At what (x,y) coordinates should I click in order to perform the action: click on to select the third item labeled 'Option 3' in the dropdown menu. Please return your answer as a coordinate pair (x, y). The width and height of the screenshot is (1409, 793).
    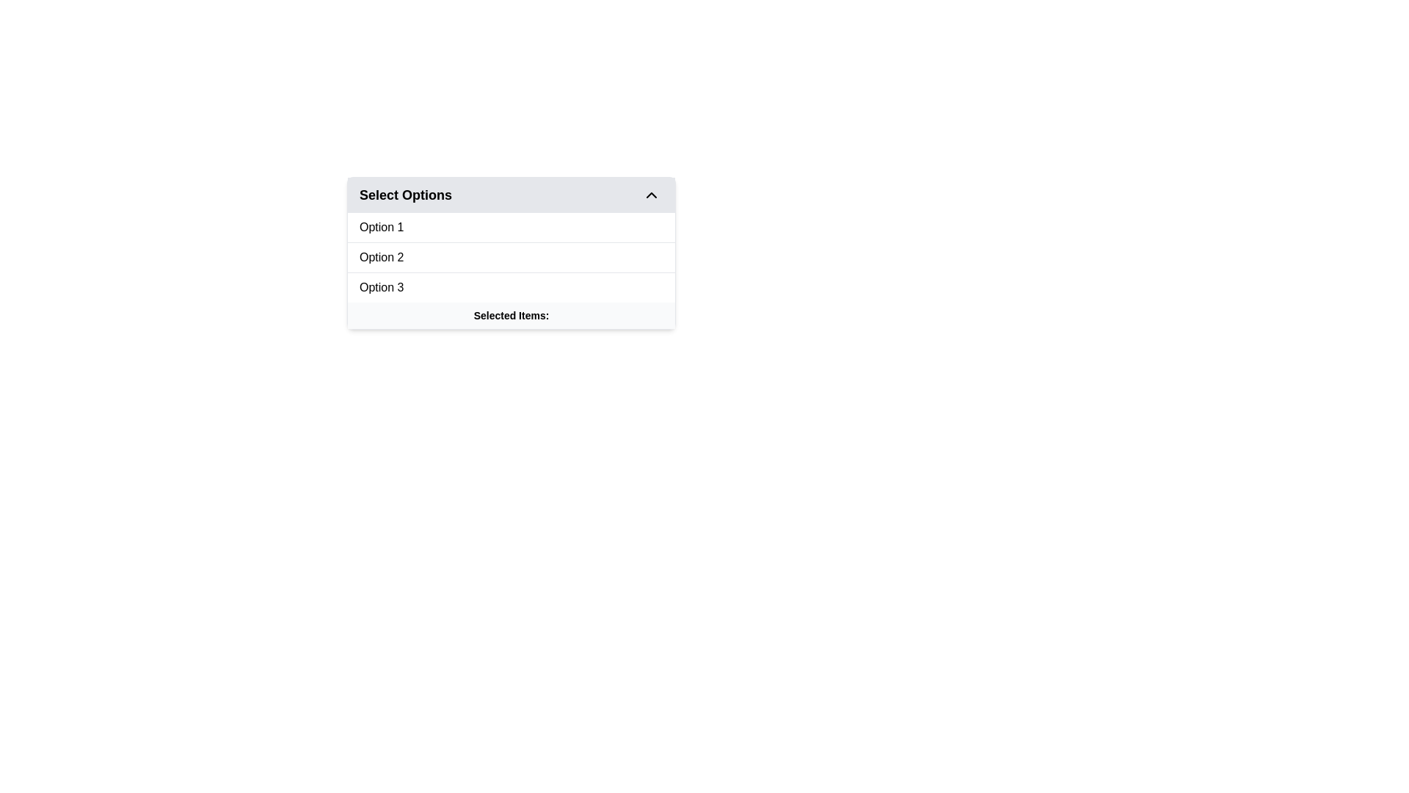
    Looking at the image, I should click on (511, 287).